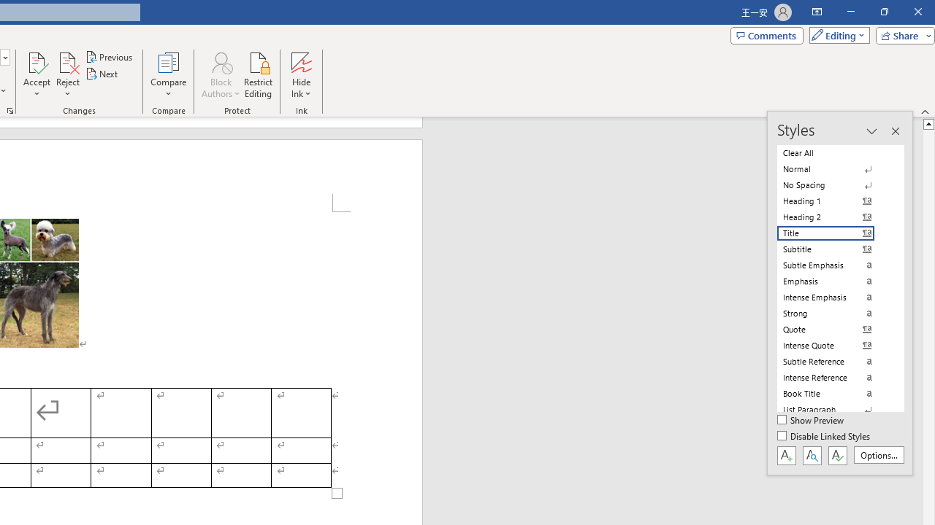  I want to click on 'Accept', so click(37, 75).